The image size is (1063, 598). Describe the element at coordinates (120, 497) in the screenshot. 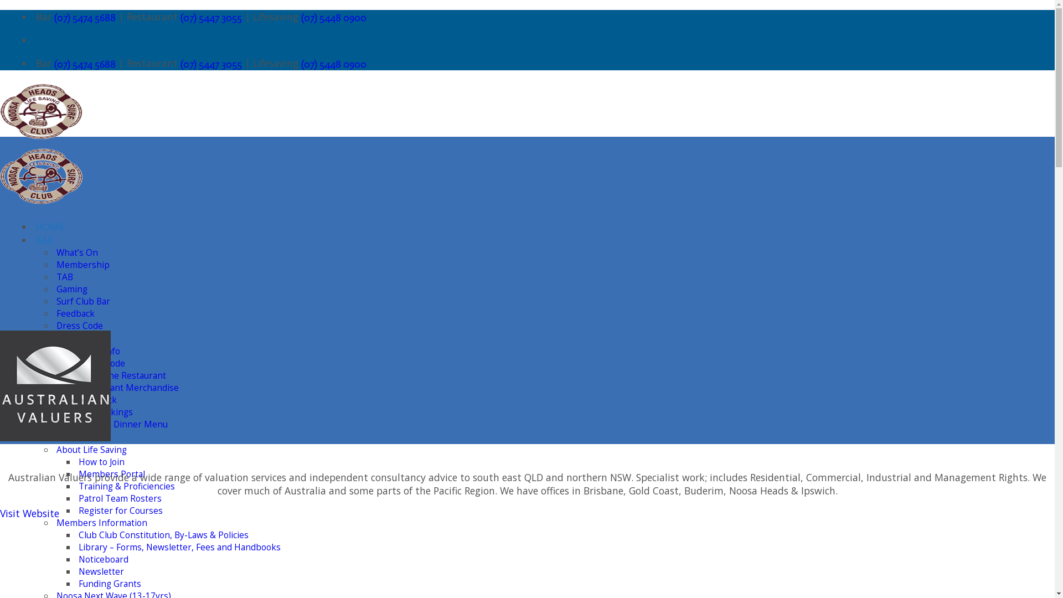

I see `'Patrol Team Rosters'` at that location.